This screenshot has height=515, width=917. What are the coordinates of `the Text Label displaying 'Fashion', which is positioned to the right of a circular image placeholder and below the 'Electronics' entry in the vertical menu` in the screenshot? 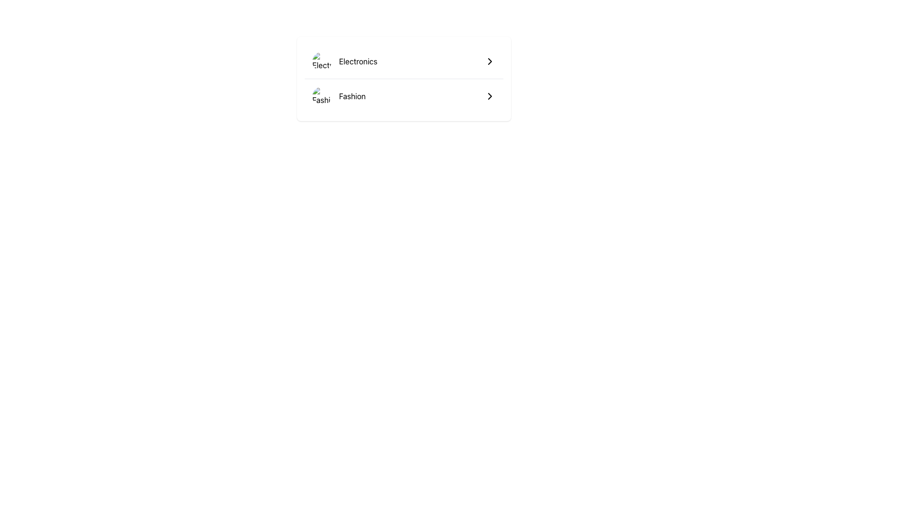 It's located at (339, 96).